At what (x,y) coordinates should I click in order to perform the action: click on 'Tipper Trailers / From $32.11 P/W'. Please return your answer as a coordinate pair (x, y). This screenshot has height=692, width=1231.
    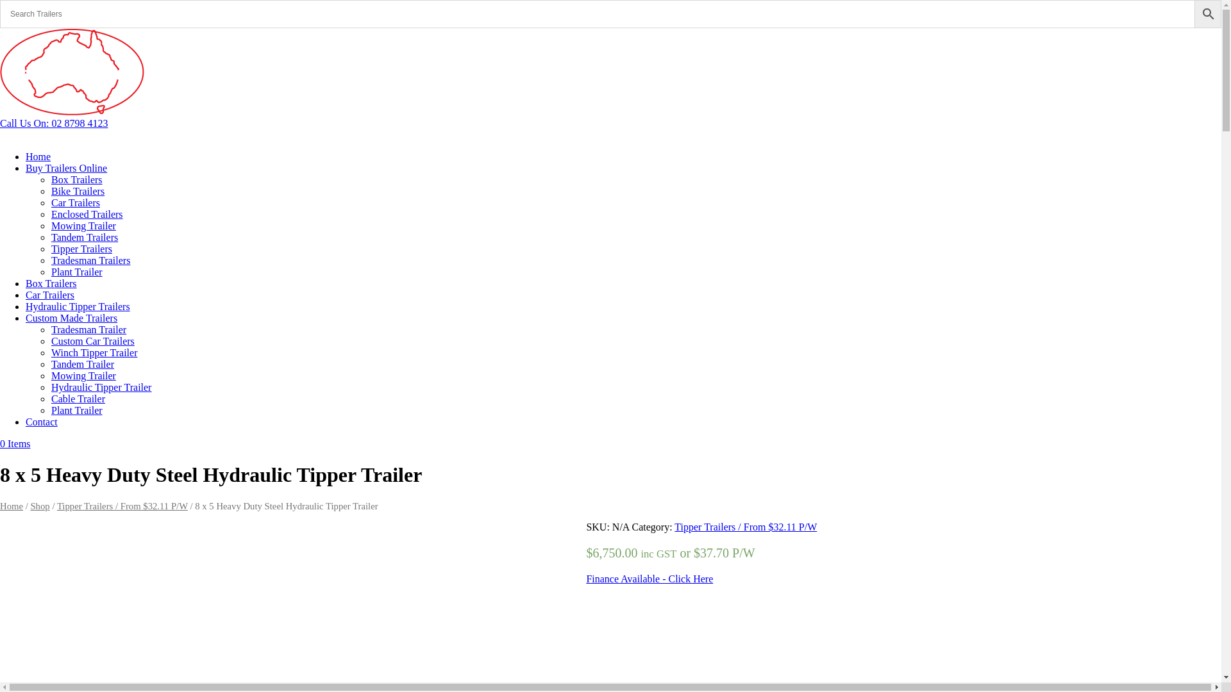
    Looking at the image, I should click on (745, 527).